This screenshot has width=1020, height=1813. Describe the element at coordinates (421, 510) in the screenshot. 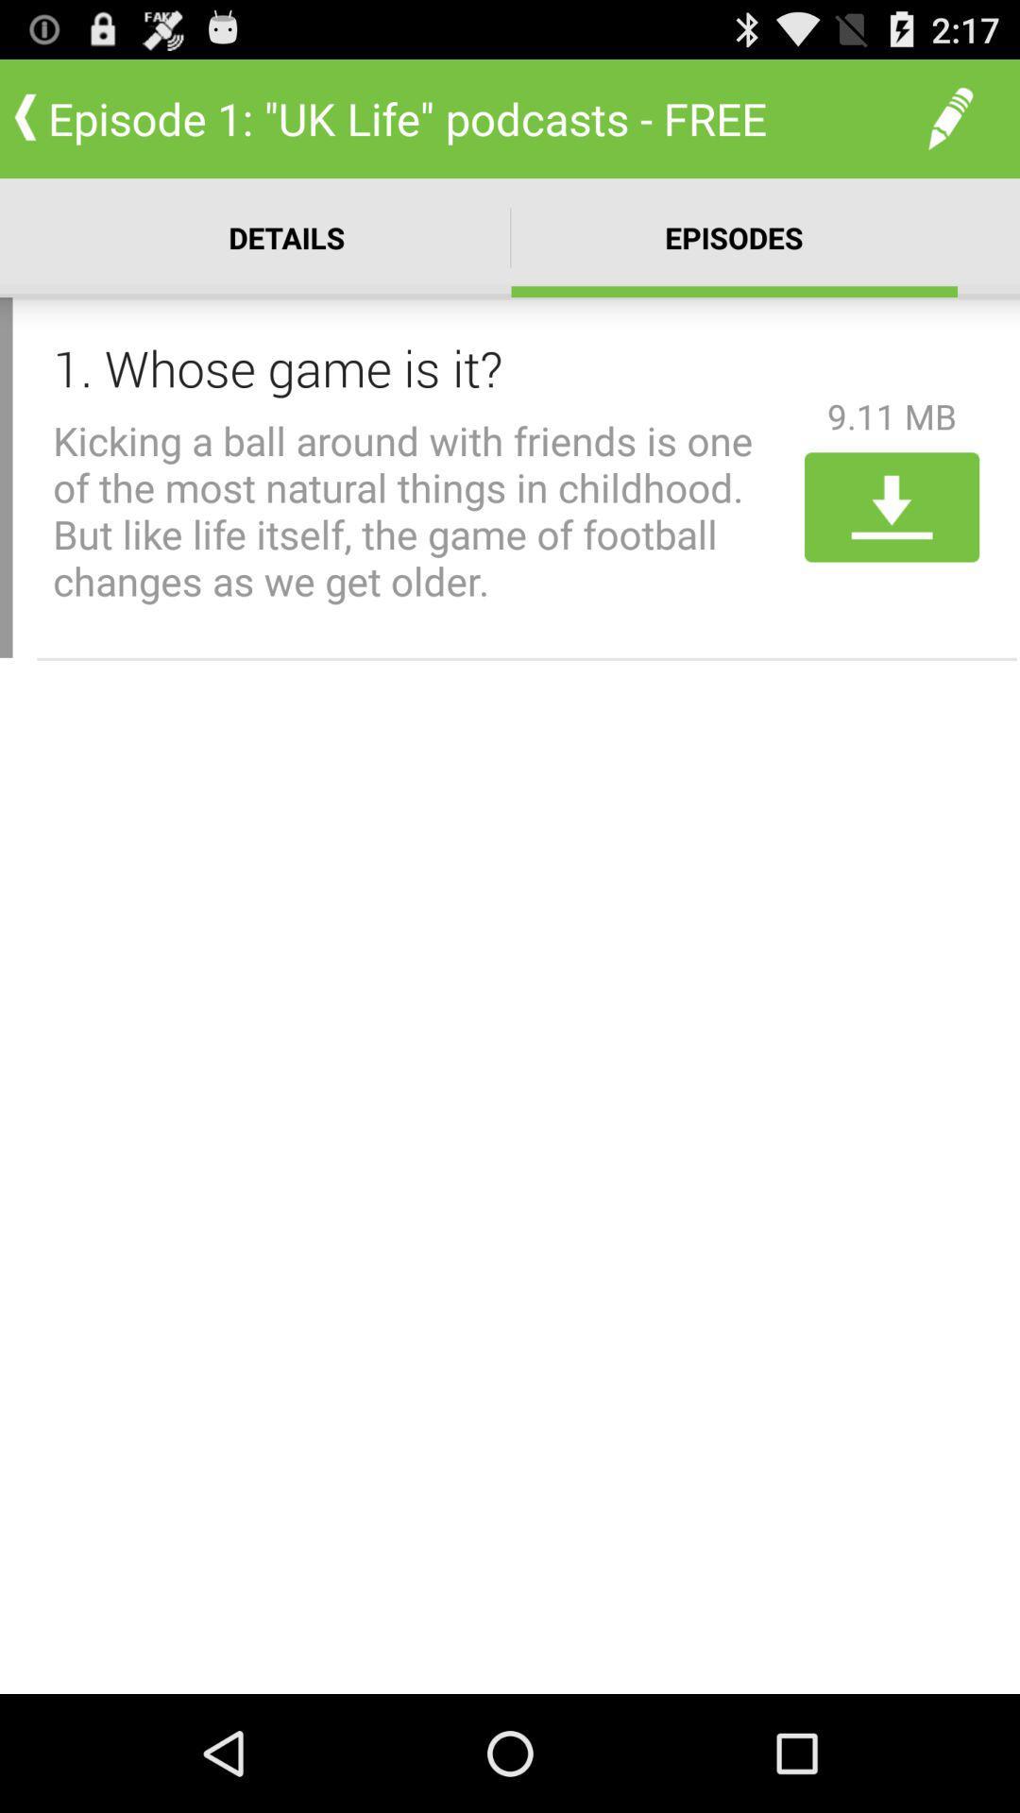

I see `icon below 1 whose game icon` at that location.